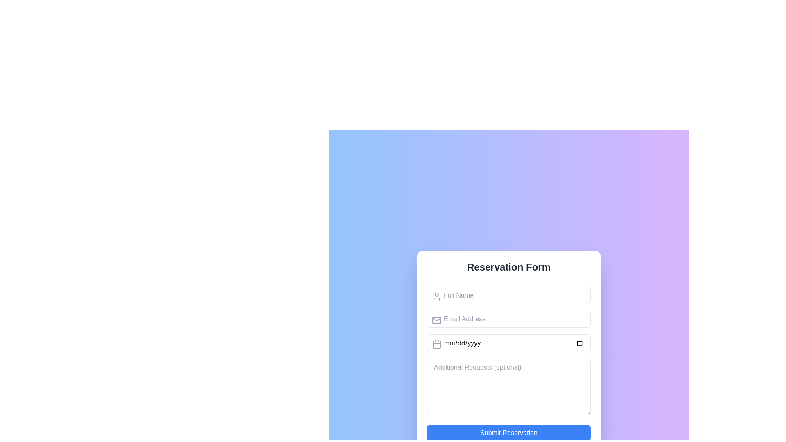 The width and height of the screenshot is (786, 442). Describe the element at coordinates (508, 318) in the screenshot. I see `the text input field labeled 'Email Address' using tab navigation to focus on it` at that location.